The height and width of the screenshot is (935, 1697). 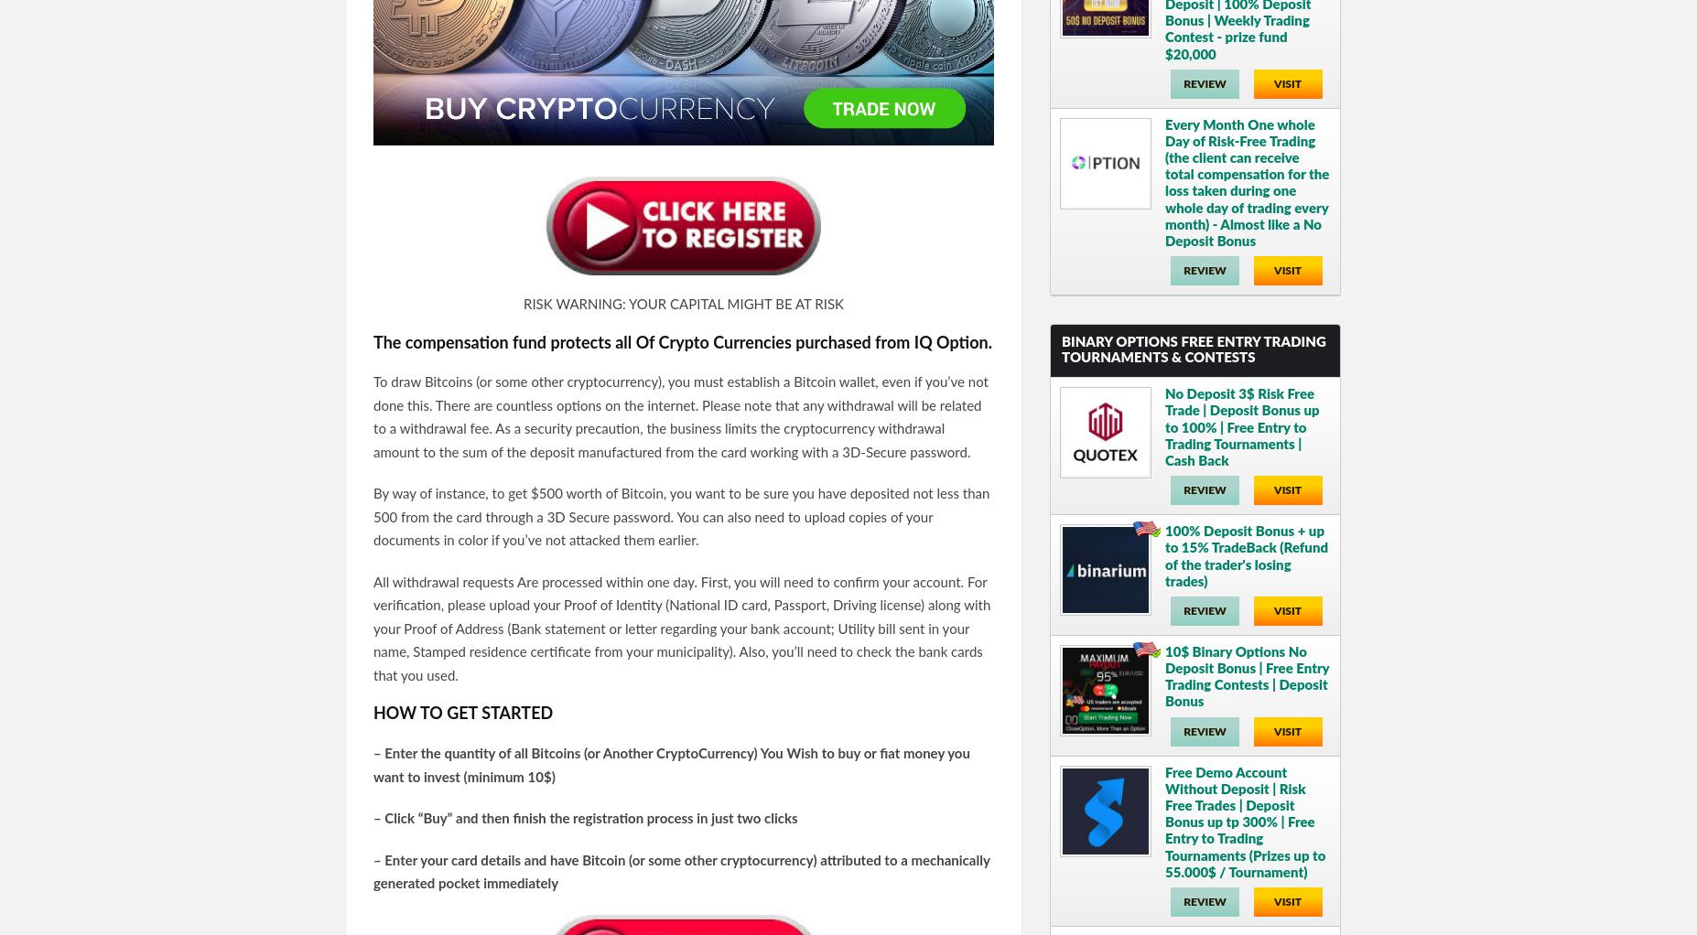 What do you see at coordinates (682, 305) in the screenshot?
I see `'RISK WARNING: YOUR CAPITAL MIGHT BE AT RISK'` at bounding box center [682, 305].